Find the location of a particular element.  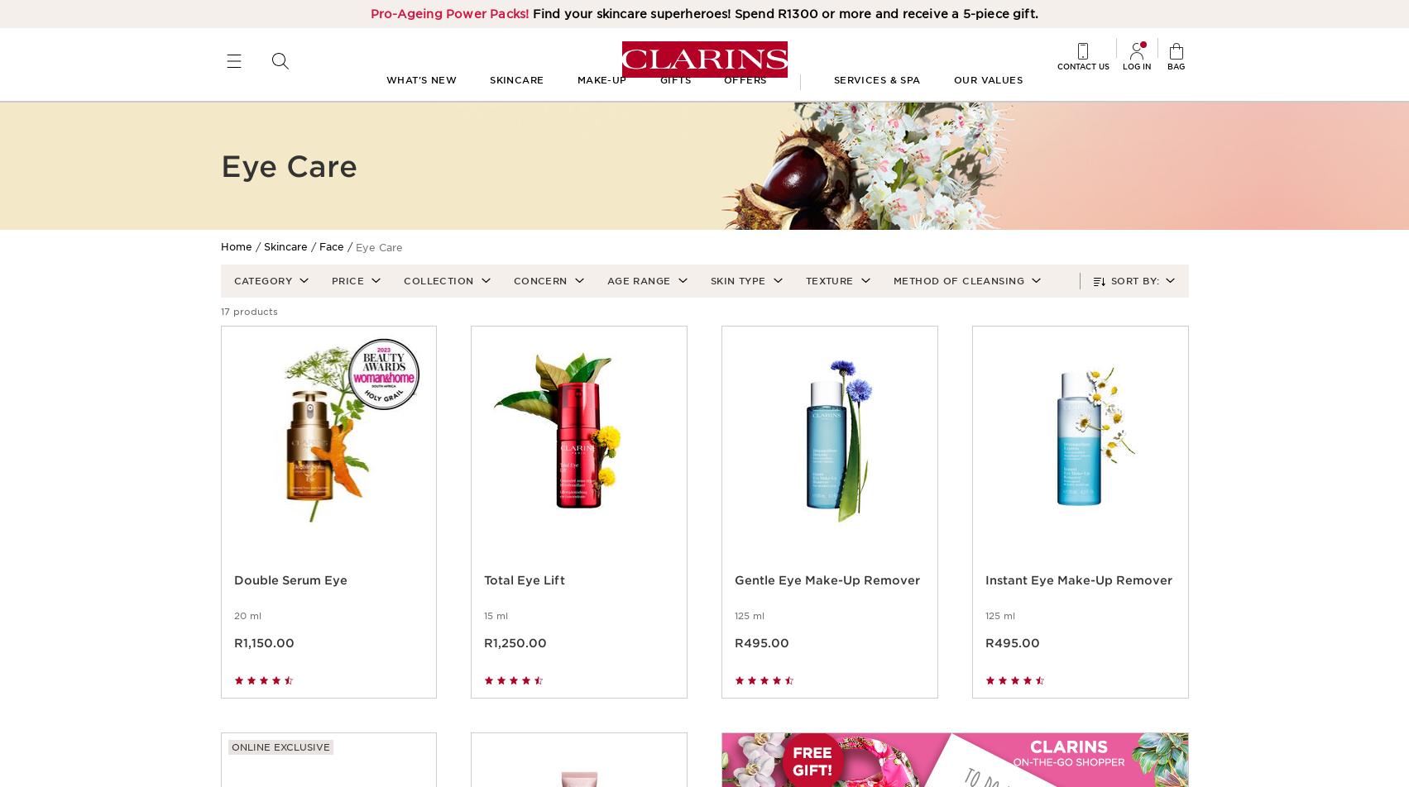

'Collection' is located at coordinates (437, 299).